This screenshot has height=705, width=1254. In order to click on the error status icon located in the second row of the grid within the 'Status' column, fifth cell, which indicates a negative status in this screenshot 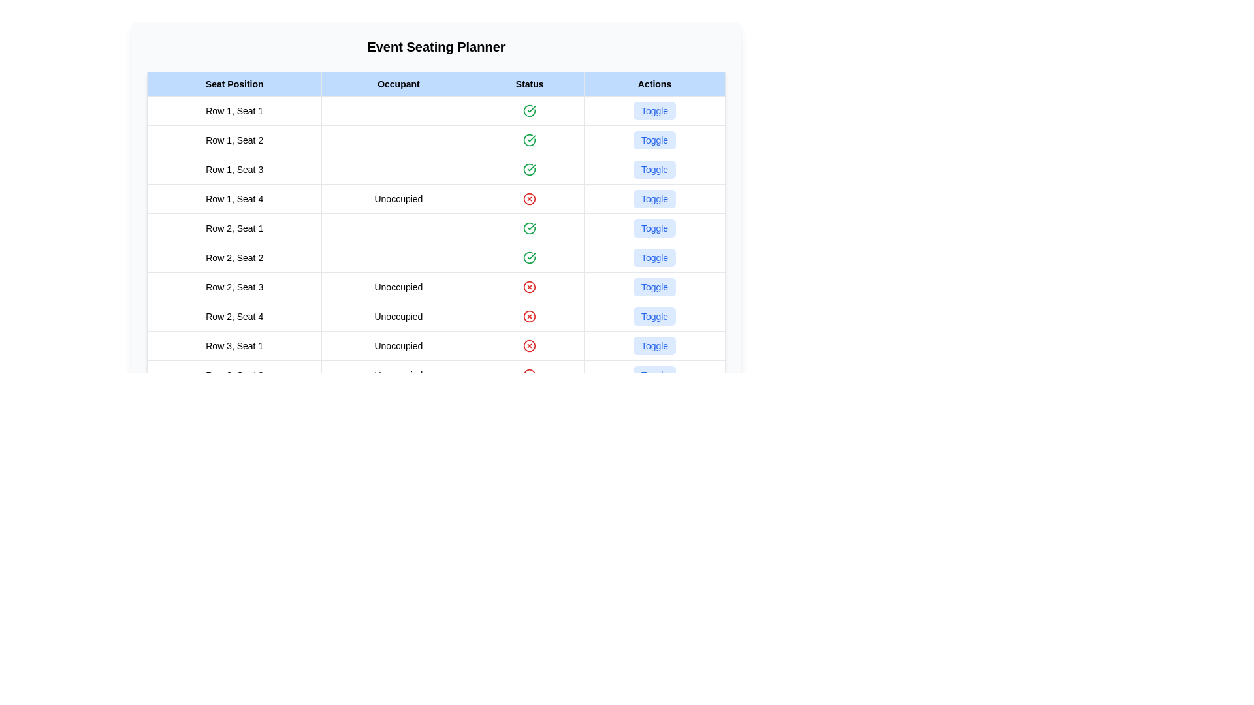, I will do `click(530, 317)`.